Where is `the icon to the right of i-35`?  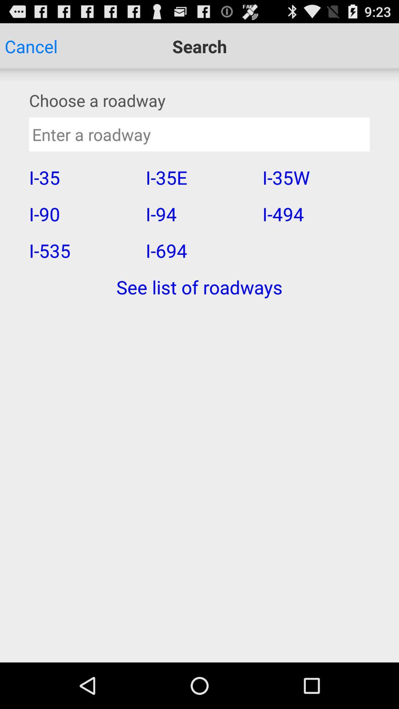 the icon to the right of i-35 is located at coordinates (199, 213).